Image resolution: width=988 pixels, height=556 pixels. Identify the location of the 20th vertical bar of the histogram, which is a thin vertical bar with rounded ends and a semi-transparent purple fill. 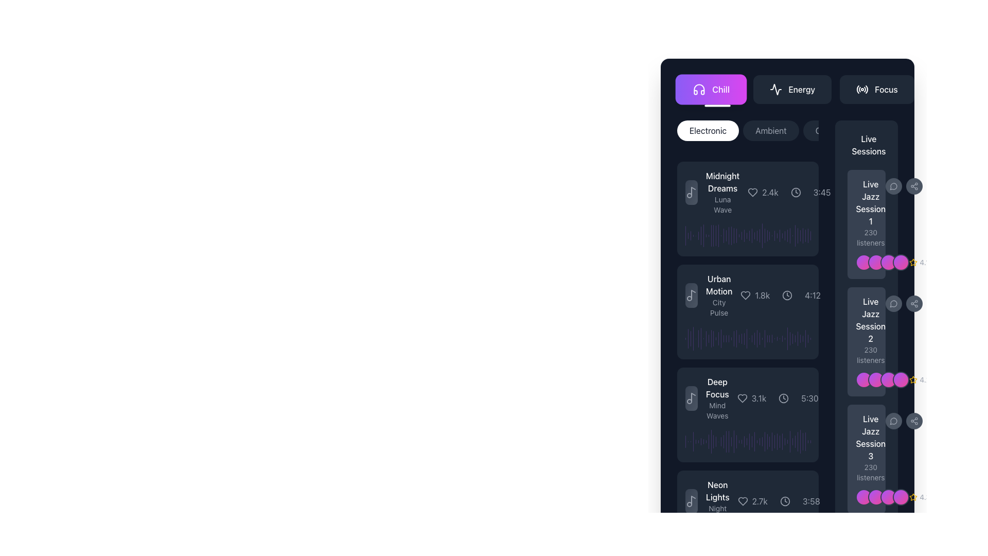
(733, 338).